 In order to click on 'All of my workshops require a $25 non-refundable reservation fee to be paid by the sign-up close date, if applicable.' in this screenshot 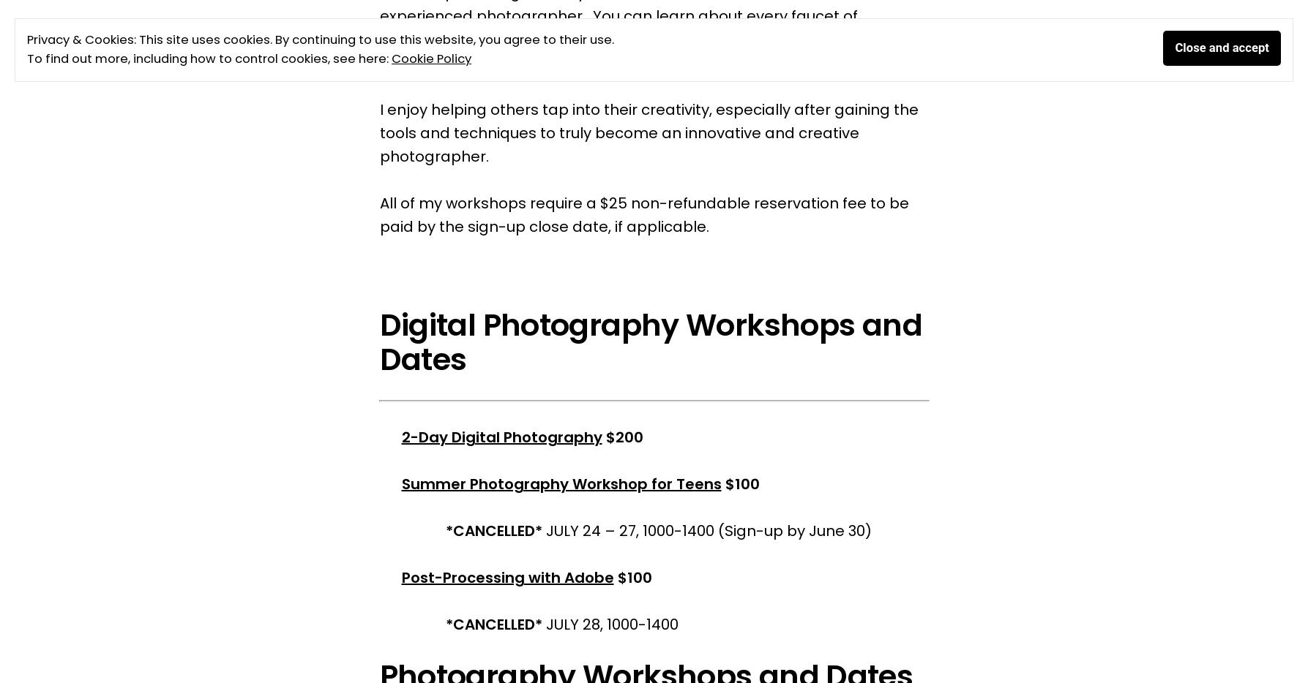, I will do `click(643, 214)`.